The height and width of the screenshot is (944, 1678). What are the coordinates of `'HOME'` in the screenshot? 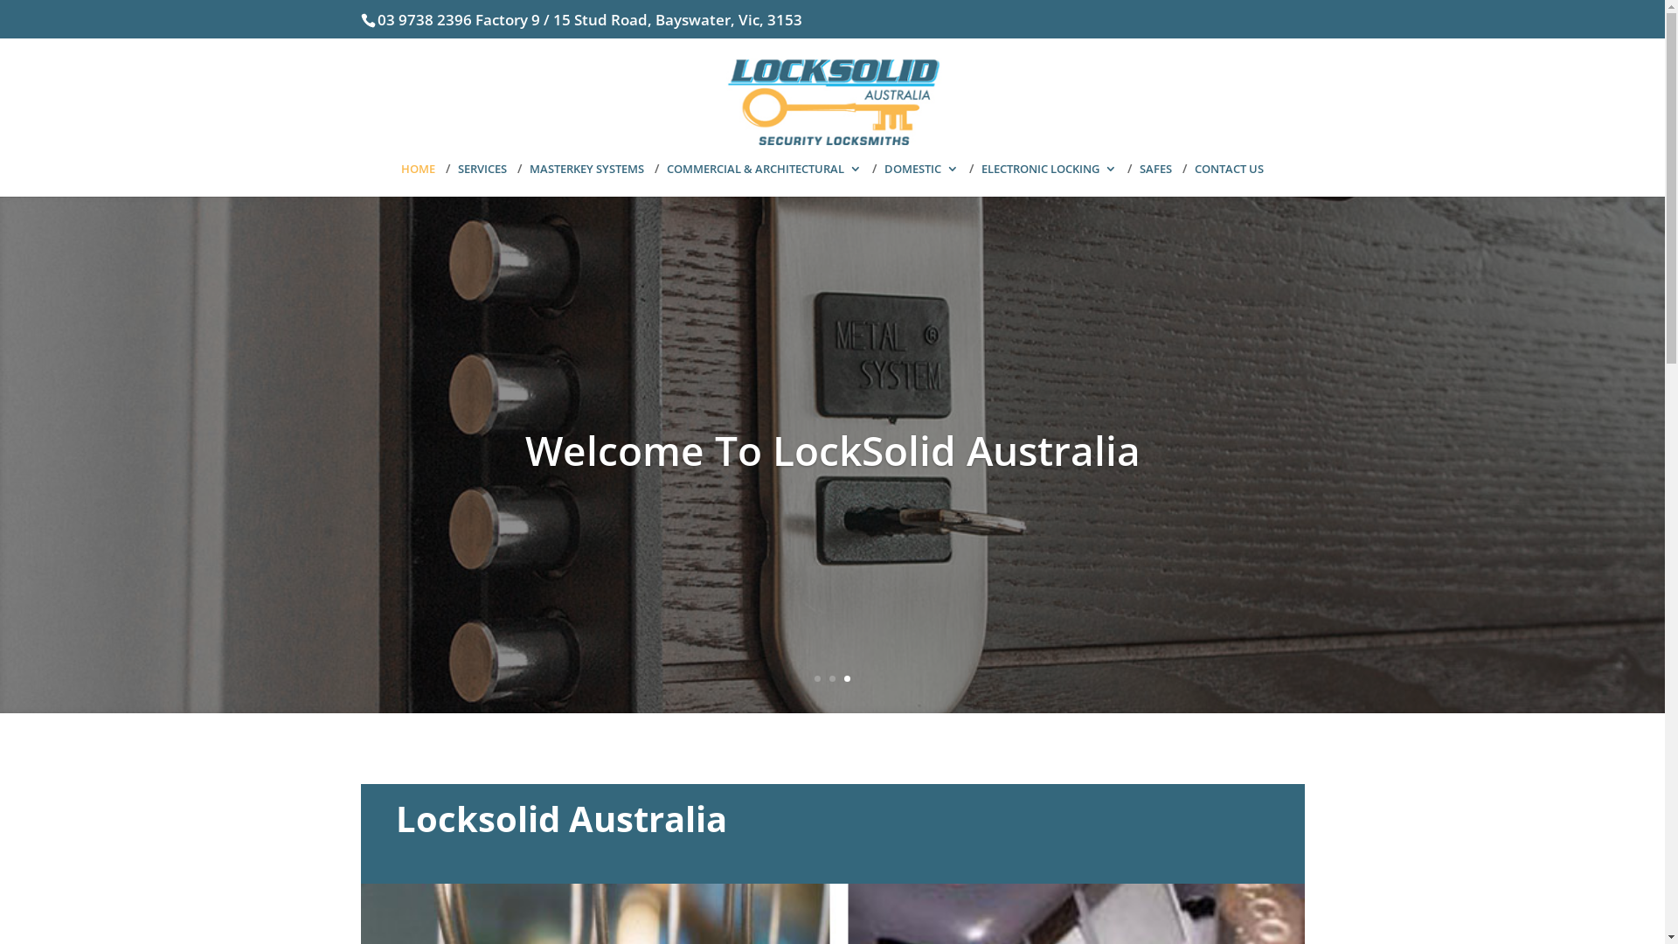 It's located at (417, 179).